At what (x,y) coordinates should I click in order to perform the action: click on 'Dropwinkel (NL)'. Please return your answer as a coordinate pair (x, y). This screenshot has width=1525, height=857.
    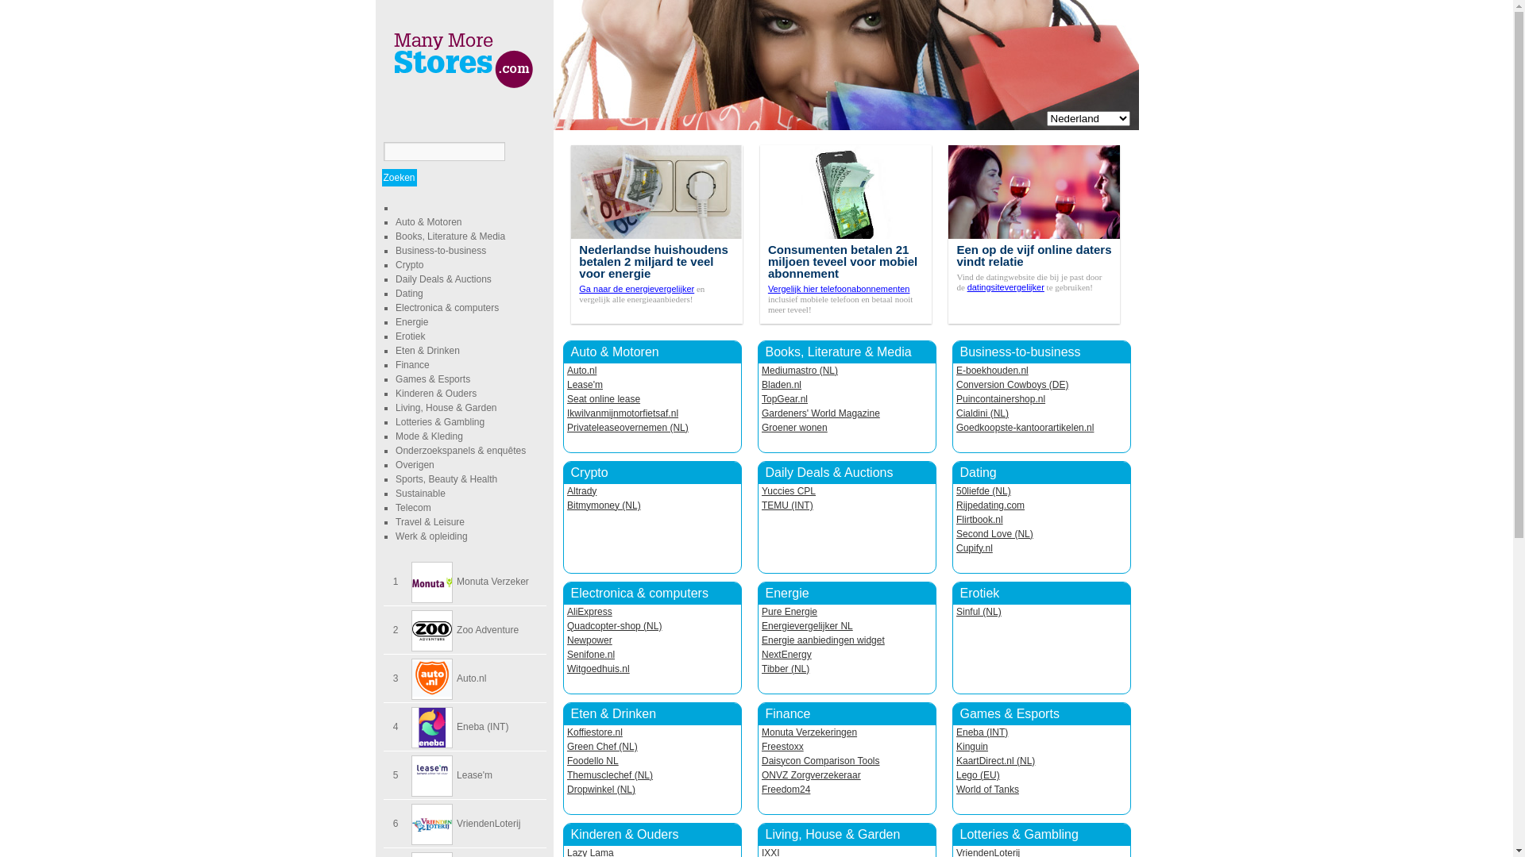
    Looking at the image, I should click on (600, 790).